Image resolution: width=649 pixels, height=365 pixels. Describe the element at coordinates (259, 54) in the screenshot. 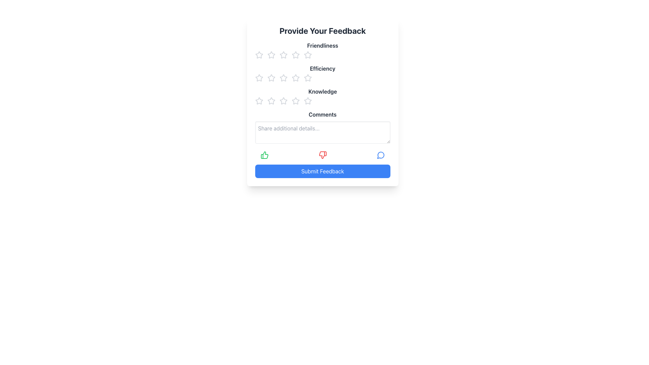

I see `the leftmost star icon in the 'Friendliness' rating section` at that location.